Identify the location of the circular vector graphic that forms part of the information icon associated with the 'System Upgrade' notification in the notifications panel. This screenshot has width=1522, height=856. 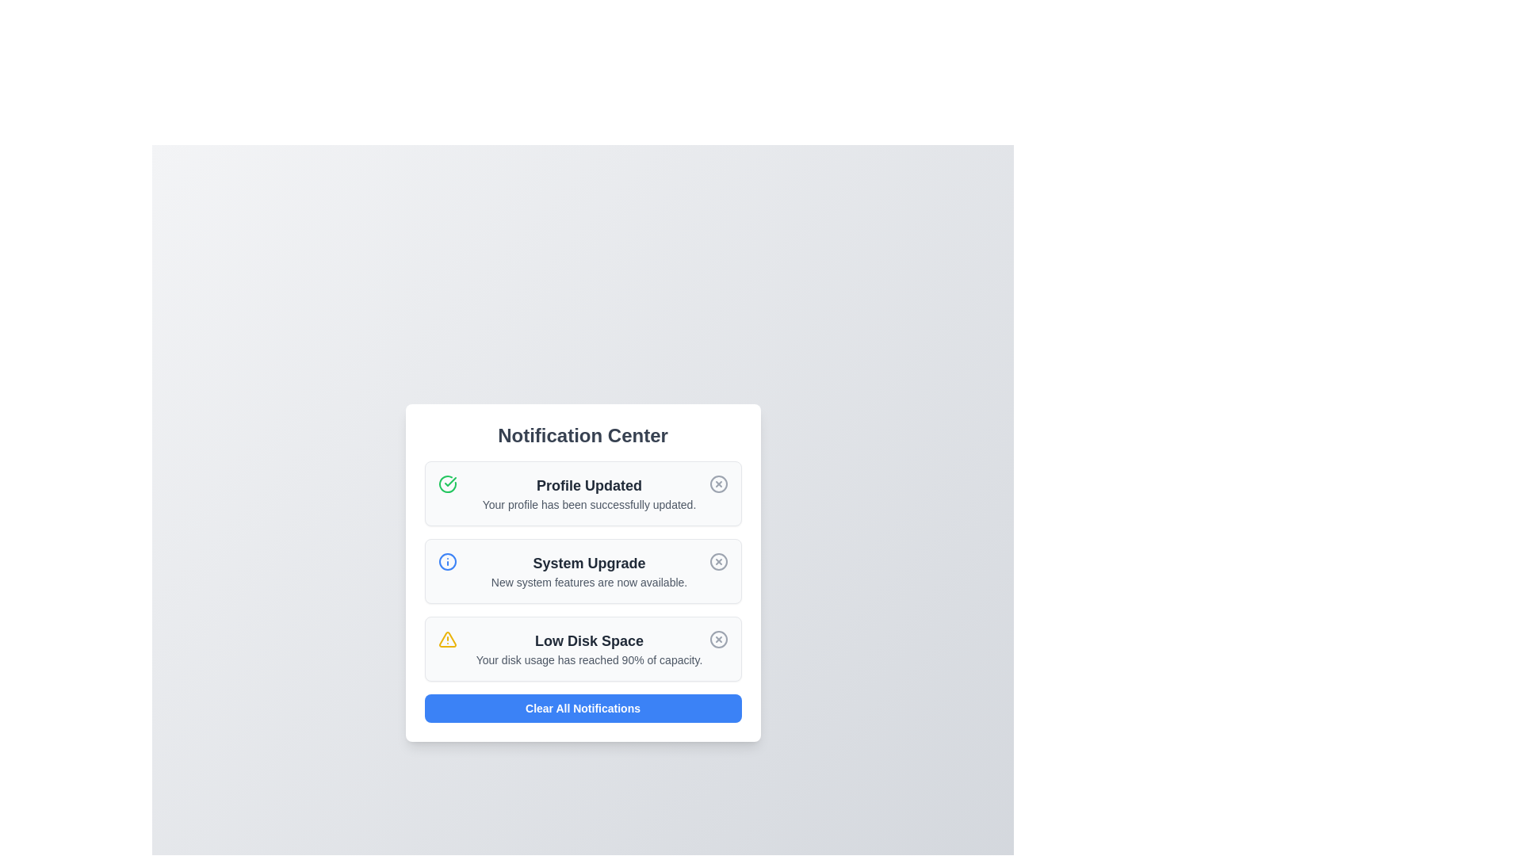
(446, 561).